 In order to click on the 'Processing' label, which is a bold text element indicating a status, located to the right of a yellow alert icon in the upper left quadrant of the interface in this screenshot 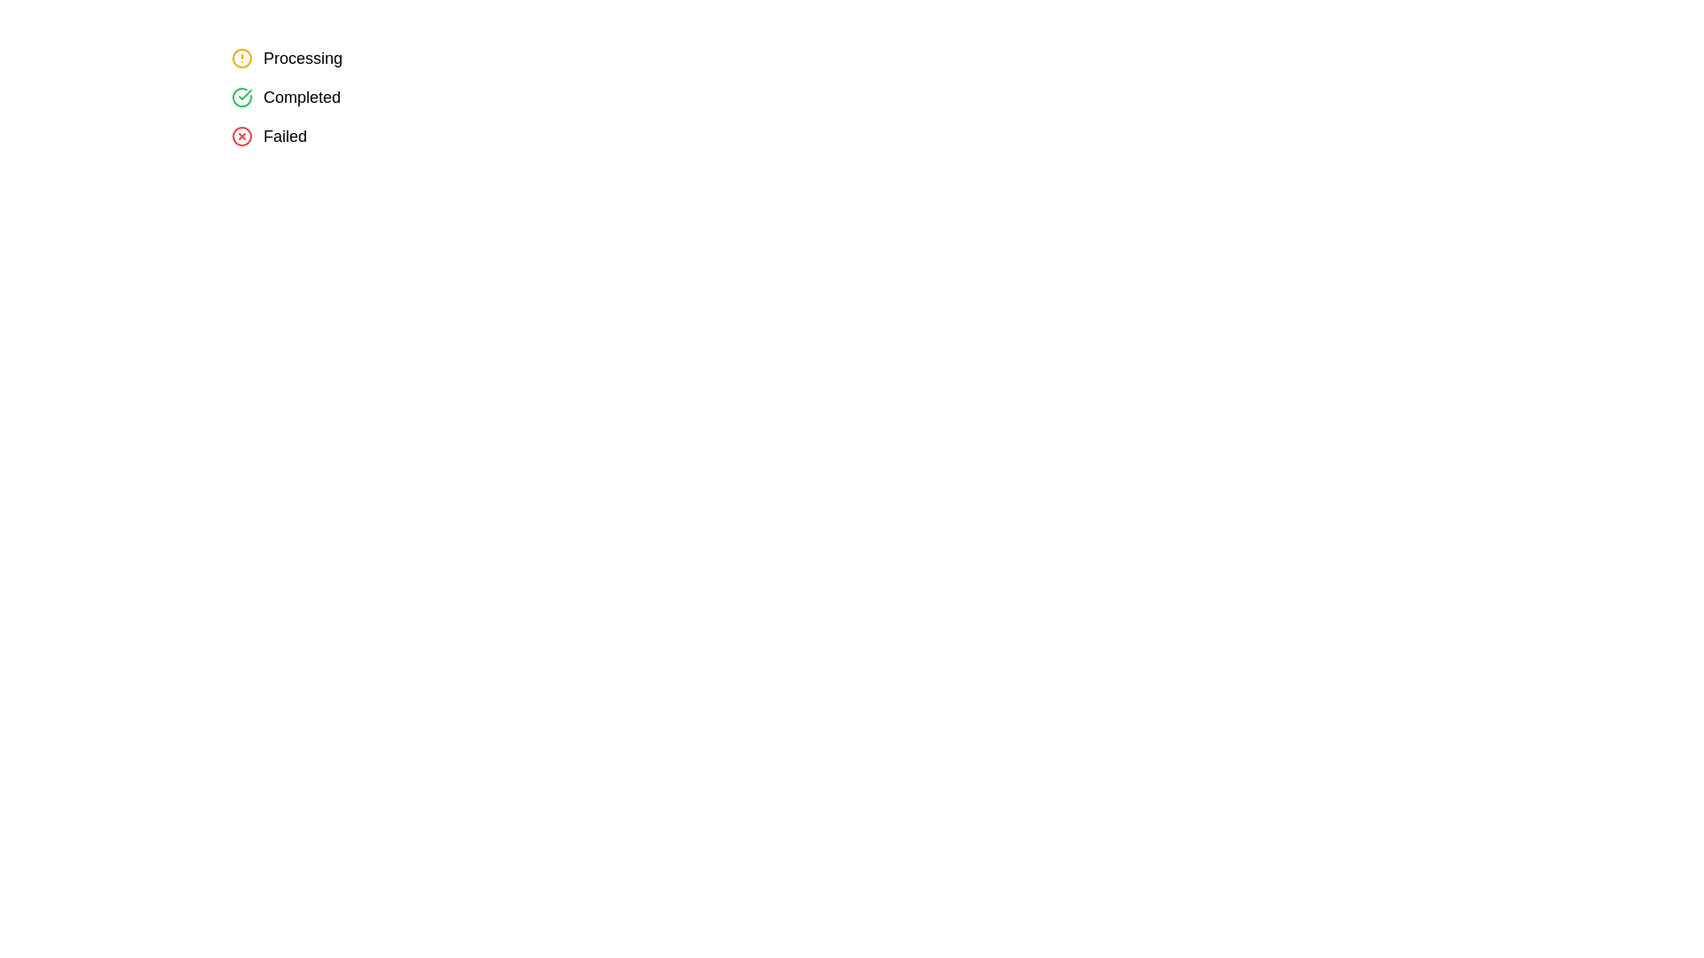, I will do `click(303, 57)`.